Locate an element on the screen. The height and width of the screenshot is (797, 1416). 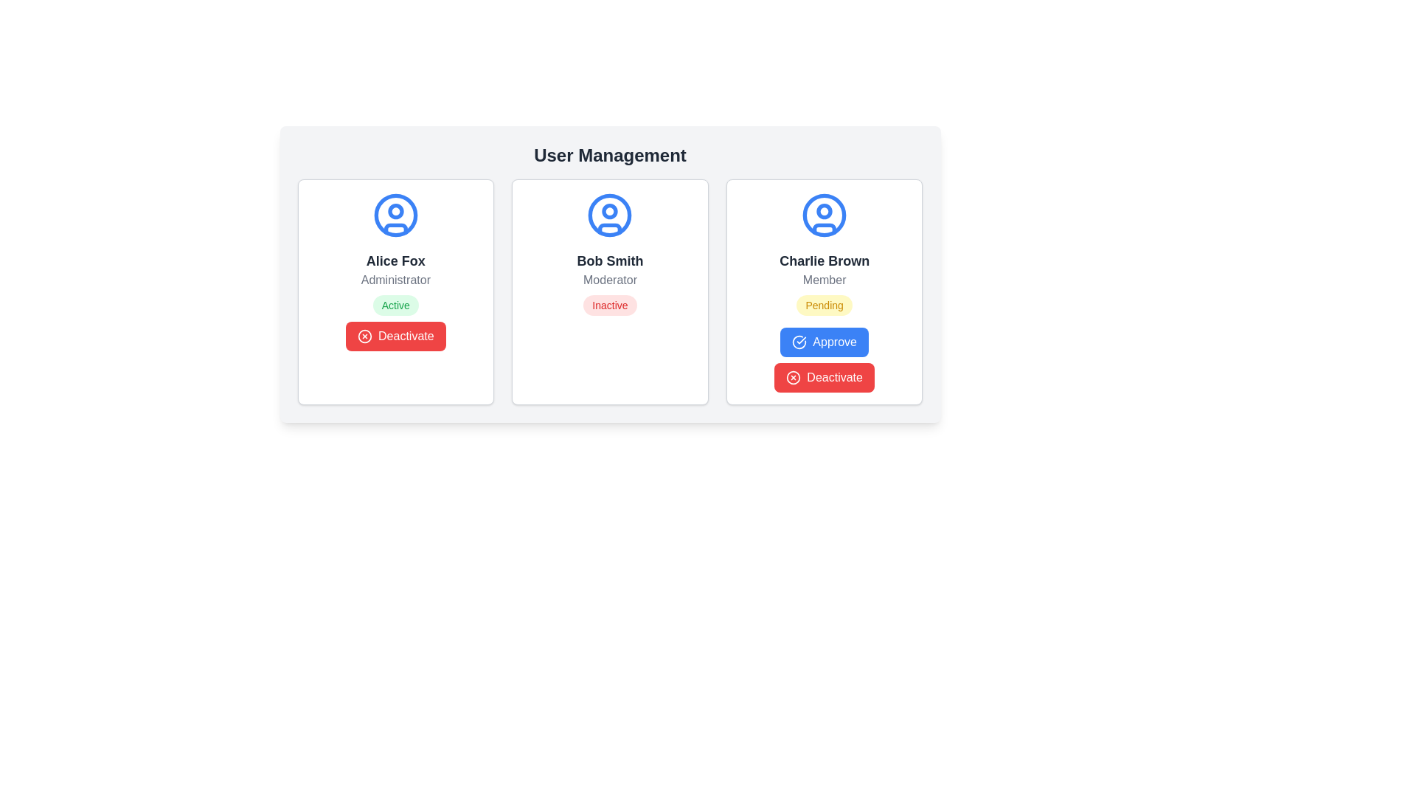
the green pill-shaped status indicator labeled 'Active', which is located in the center of the card interface for user 'Alice Fox', positioned below the user's name and above the 'Deactivate' button is located at coordinates (395, 304).